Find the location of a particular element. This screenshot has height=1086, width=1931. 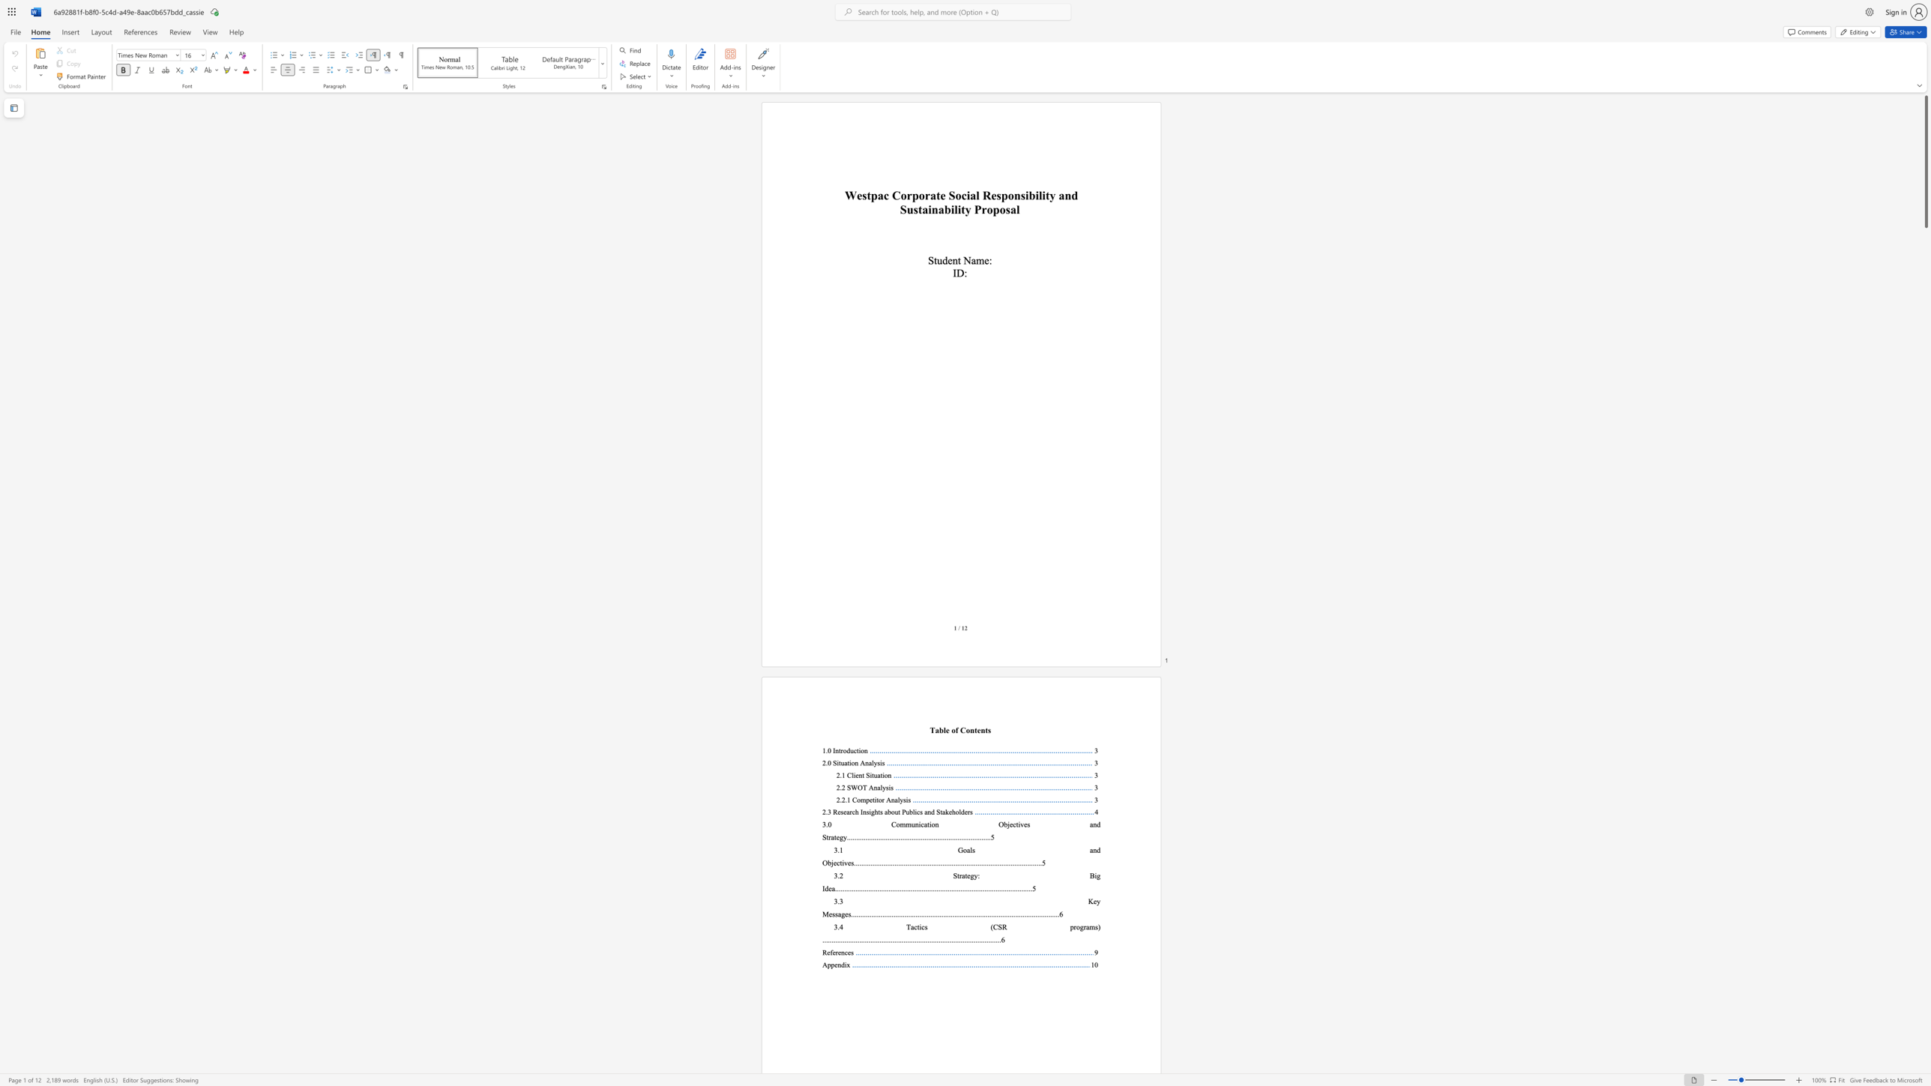

the 1th character "e" in the text is located at coordinates (947, 730).